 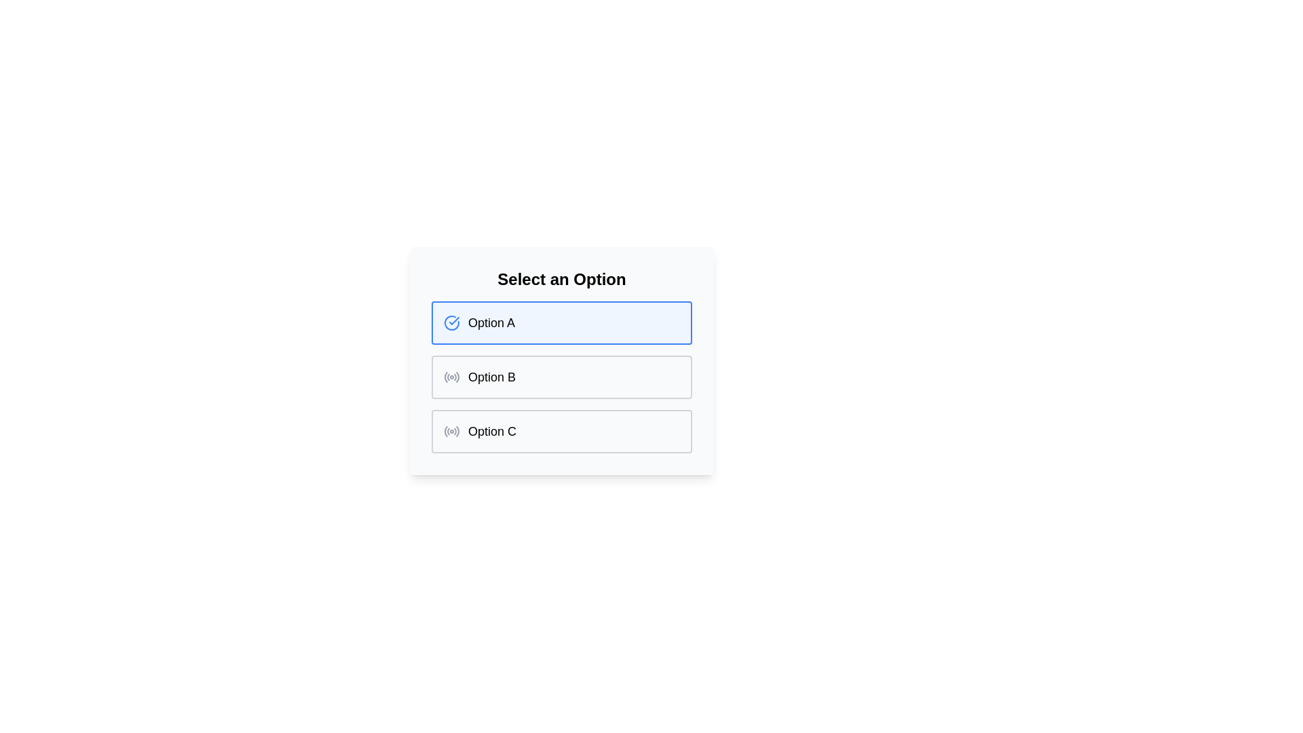 I want to click on the 'Option C' radio button, which is the third option in a vertical list of selectable options, so click(x=562, y=432).